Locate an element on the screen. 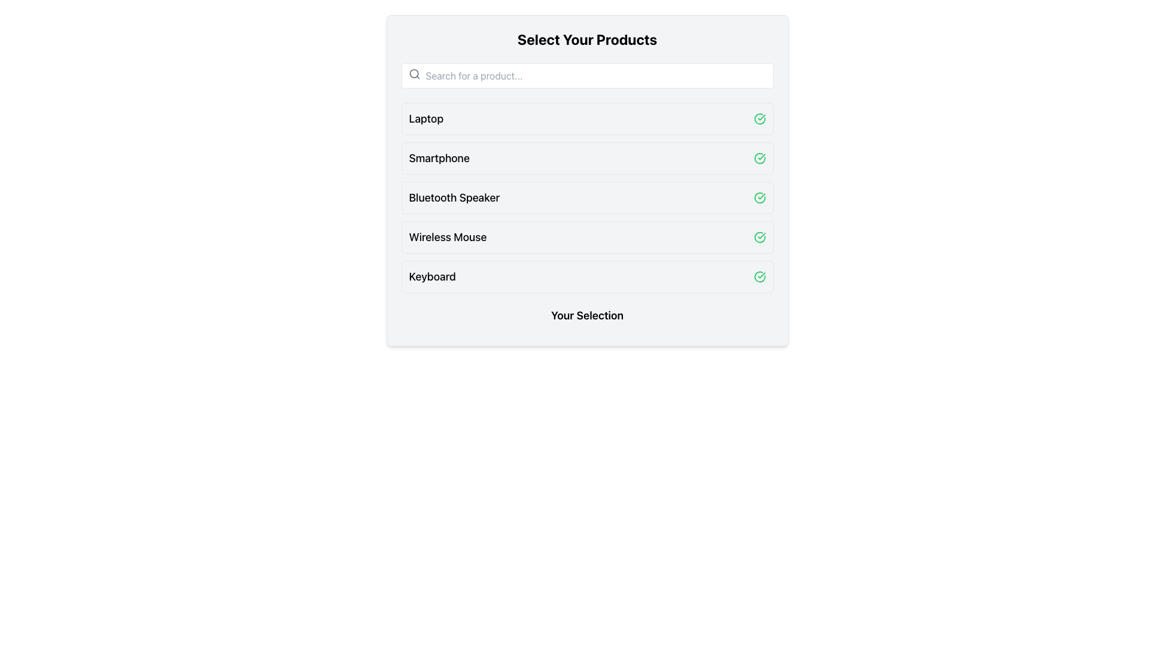  the first list item displaying the product option 'Laptop' located near the top center of the interface, directly below the search bar is located at coordinates (587, 119).